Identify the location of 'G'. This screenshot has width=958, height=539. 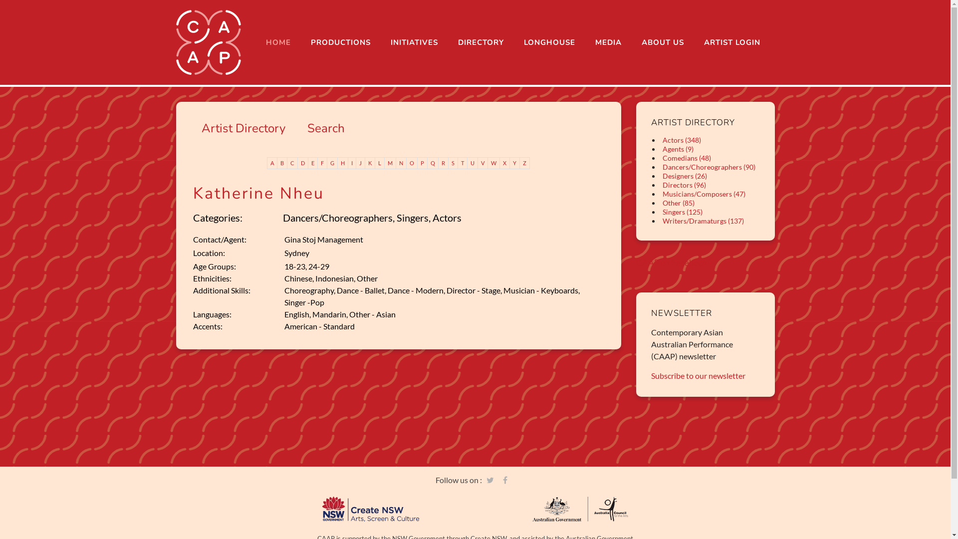
(332, 163).